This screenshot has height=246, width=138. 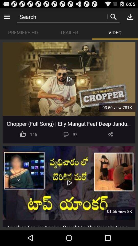 What do you see at coordinates (66, 134) in the screenshot?
I see `hit thumbs down` at bounding box center [66, 134].